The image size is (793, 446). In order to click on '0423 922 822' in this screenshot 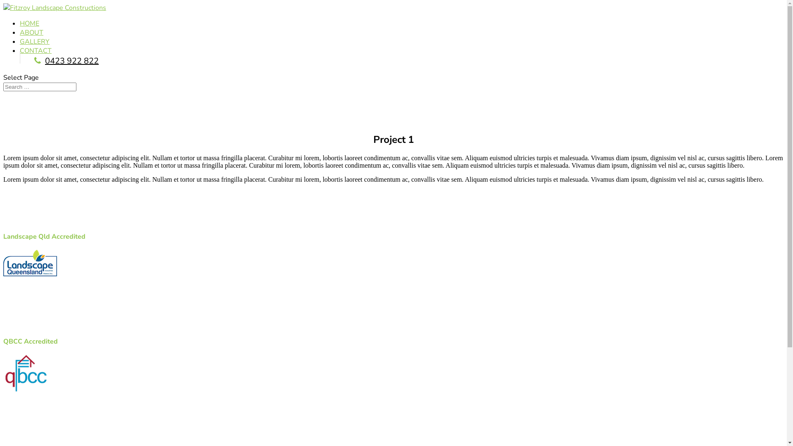, I will do `click(33, 60)`.